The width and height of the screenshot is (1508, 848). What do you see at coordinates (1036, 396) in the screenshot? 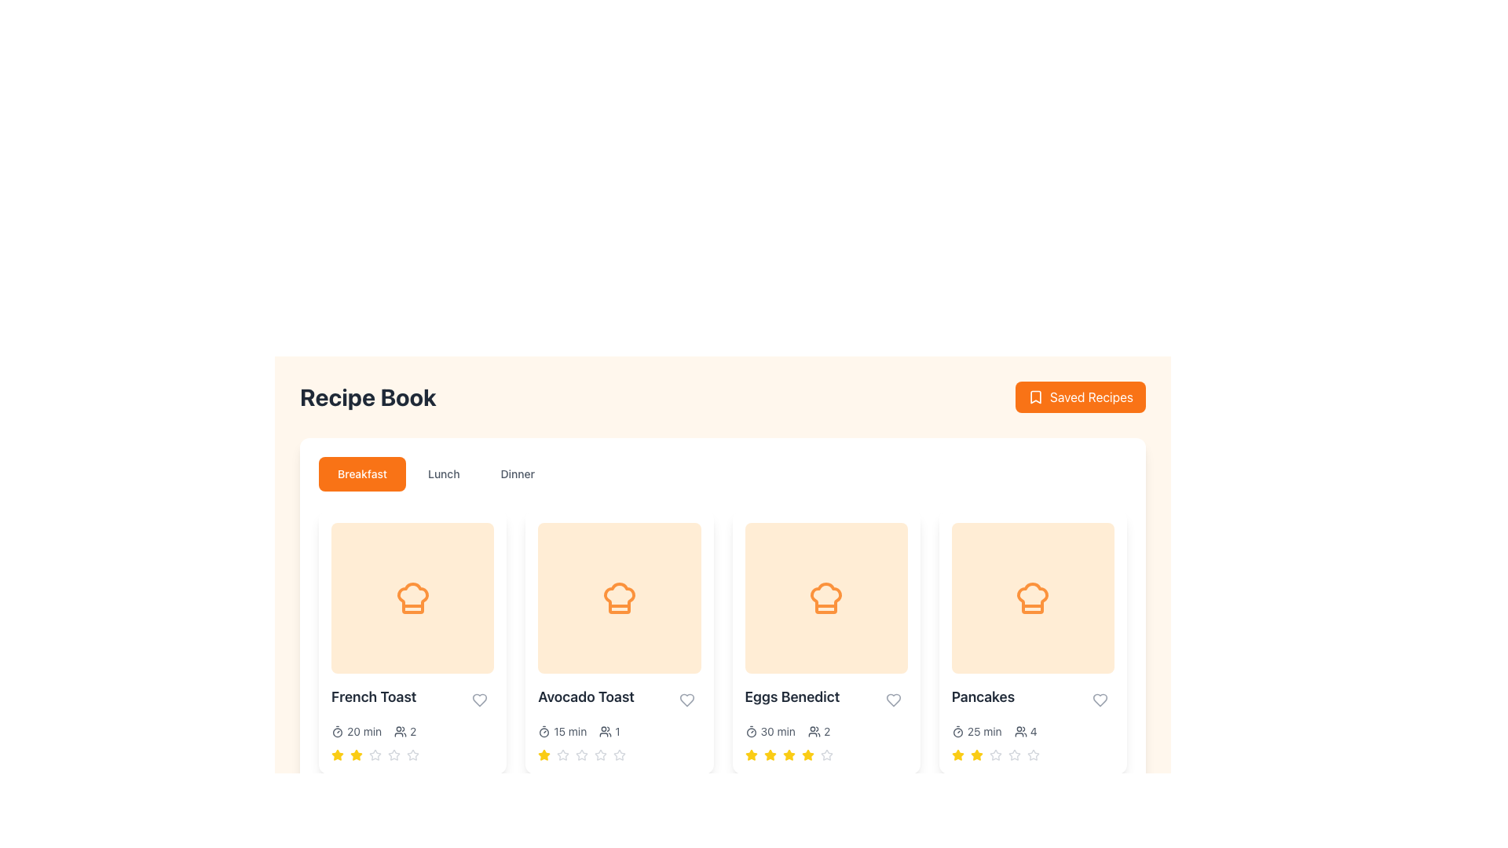
I see `the bookmark icon located to the left of the 'Saved Recipes' text within the orange button at the top-right corner of the interface` at bounding box center [1036, 396].